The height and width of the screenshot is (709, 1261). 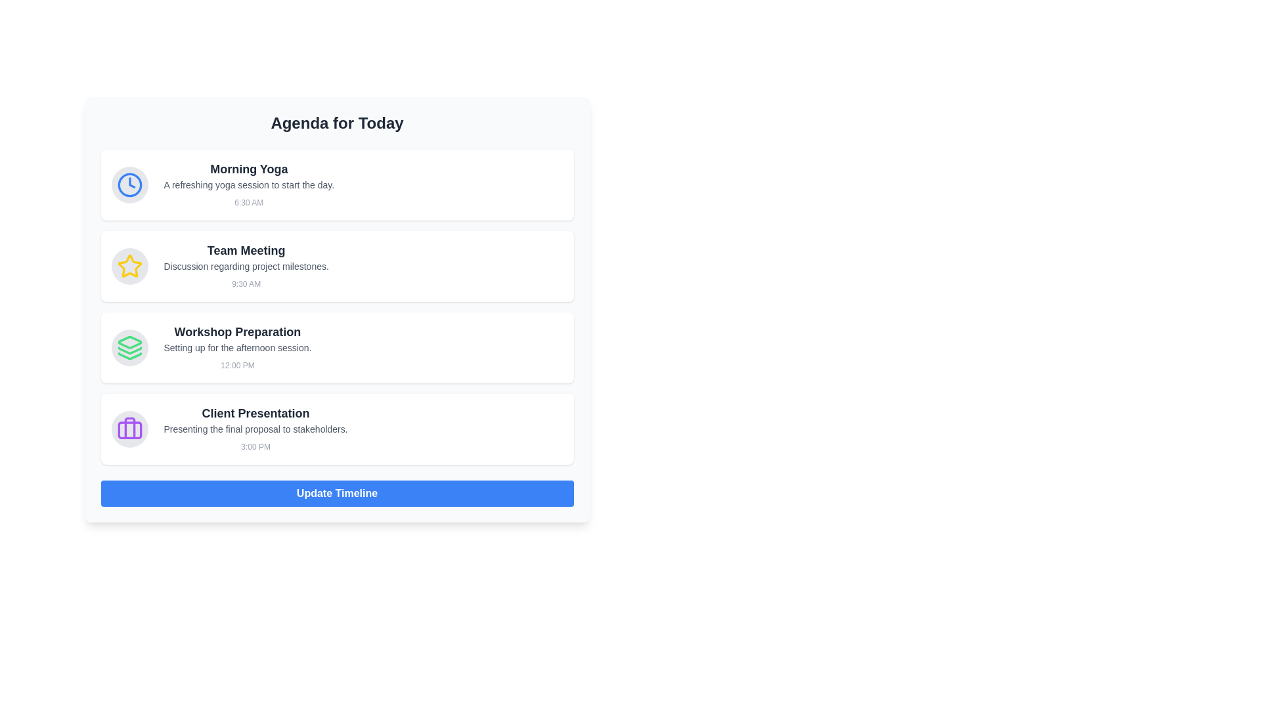 I want to click on the circular icon with a blue outline that is part of the first line item in the agenda list, positioned to the left of 'Morning Yoga', so click(x=129, y=184).